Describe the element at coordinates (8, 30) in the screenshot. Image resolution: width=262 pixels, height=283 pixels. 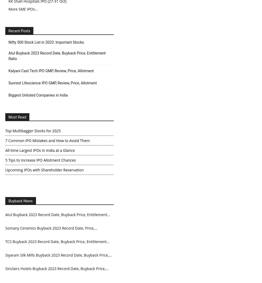
I see `'Recent Posts'` at that location.